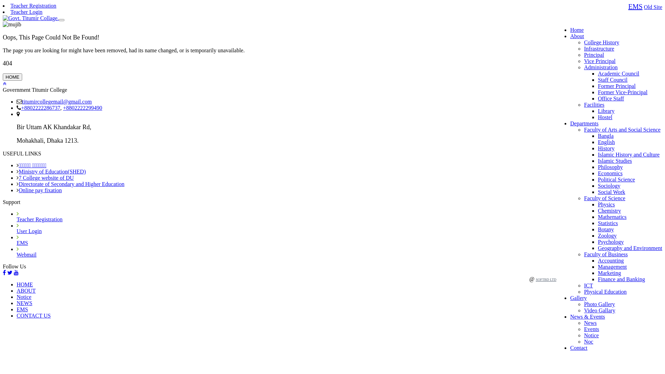 This screenshot has width=665, height=374. I want to click on 'Management', so click(597, 266).